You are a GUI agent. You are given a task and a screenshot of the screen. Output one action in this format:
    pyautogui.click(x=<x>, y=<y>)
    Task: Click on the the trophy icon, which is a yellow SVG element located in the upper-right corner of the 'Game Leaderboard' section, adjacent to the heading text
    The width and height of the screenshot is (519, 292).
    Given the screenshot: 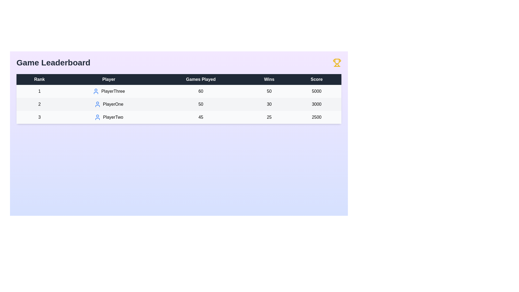 What is the action you would take?
    pyautogui.click(x=337, y=62)
    